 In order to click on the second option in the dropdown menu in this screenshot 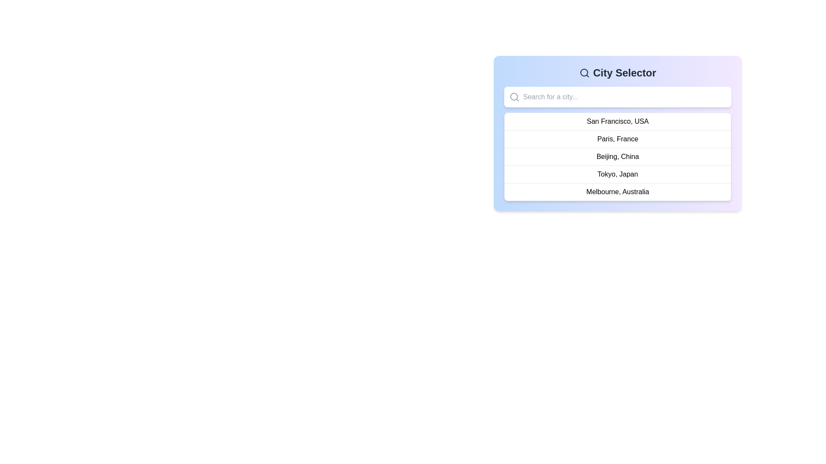, I will do `click(617, 138)`.